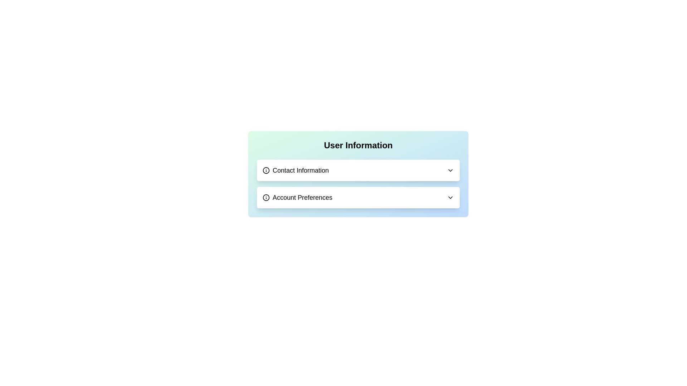 The image size is (687, 386). What do you see at coordinates (266, 170) in the screenshot?
I see `the interactive icon next to the 'Contact Information' text in the 'User Information' section` at bounding box center [266, 170].